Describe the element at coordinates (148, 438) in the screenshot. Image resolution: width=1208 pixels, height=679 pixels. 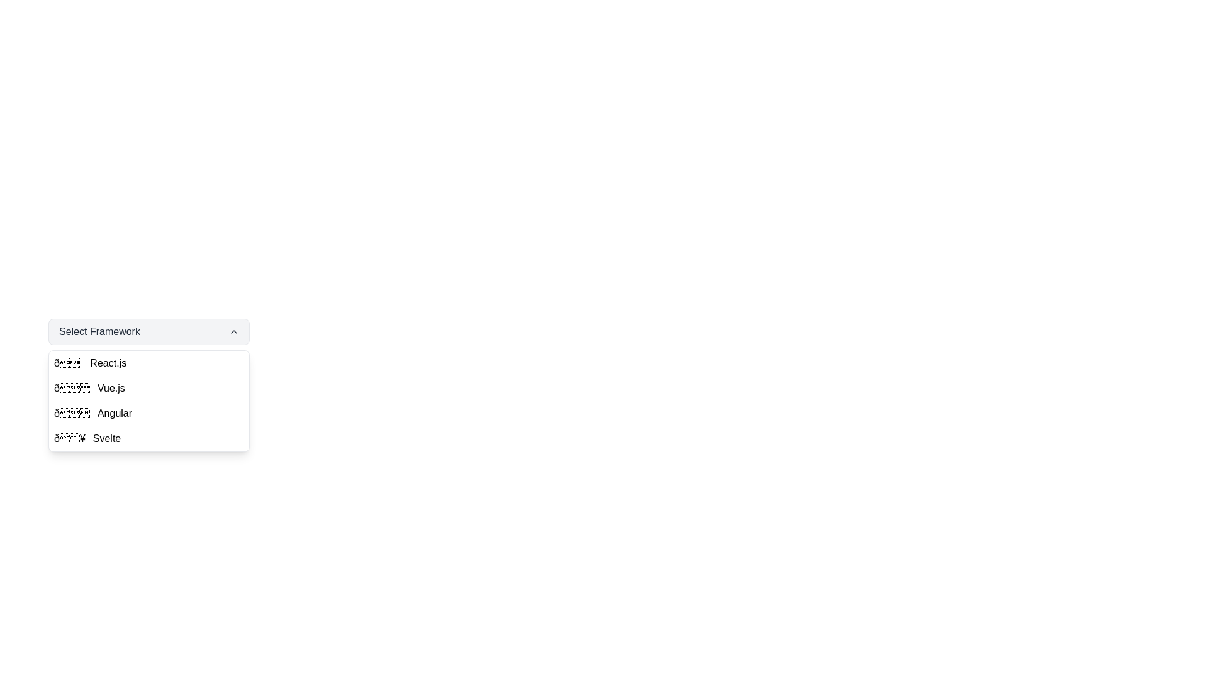
I see `the dropdown menu item labeled 'Svelte'` at that location.